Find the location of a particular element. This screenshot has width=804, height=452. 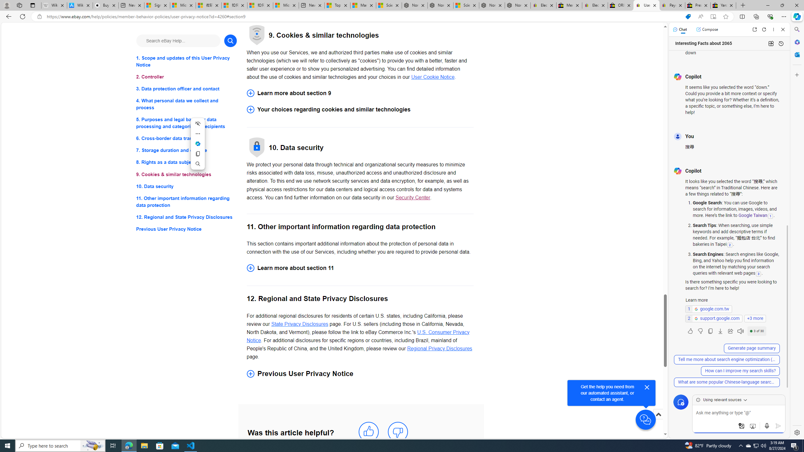

'State Privacy Disclosures - opens in new window or tab' is located at coordinates (299, 323).